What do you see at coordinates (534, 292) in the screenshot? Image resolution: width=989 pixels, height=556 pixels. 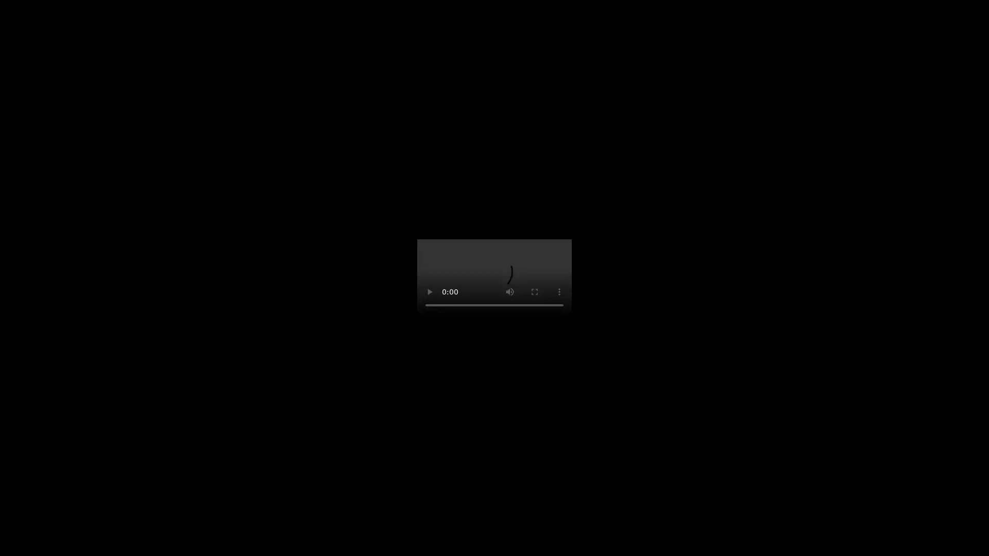 I see `enter full screen` at bounding box center [534, 292].